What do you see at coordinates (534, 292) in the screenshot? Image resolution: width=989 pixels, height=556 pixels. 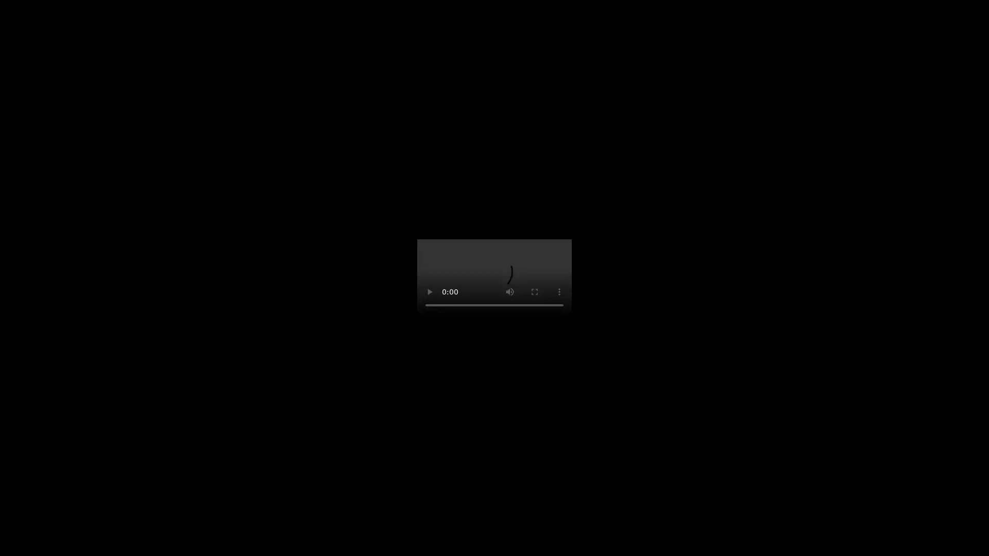 I see `enter full screen` at bounding box center [534, 292].